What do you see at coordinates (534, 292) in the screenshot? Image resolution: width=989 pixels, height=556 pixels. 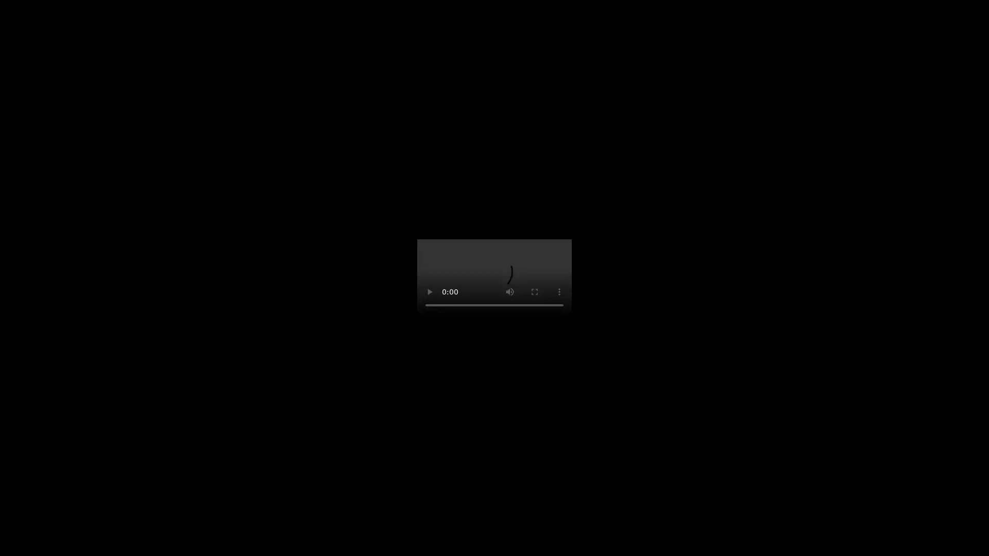 I see `enter full screen` at bounding box center [534, 292].